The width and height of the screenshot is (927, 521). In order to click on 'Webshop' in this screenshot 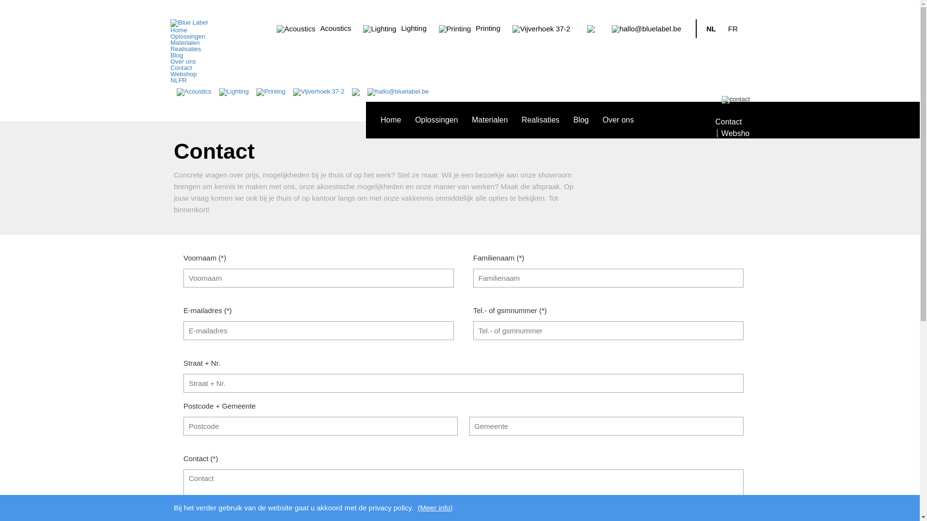, I will do `click(716, 133)`.